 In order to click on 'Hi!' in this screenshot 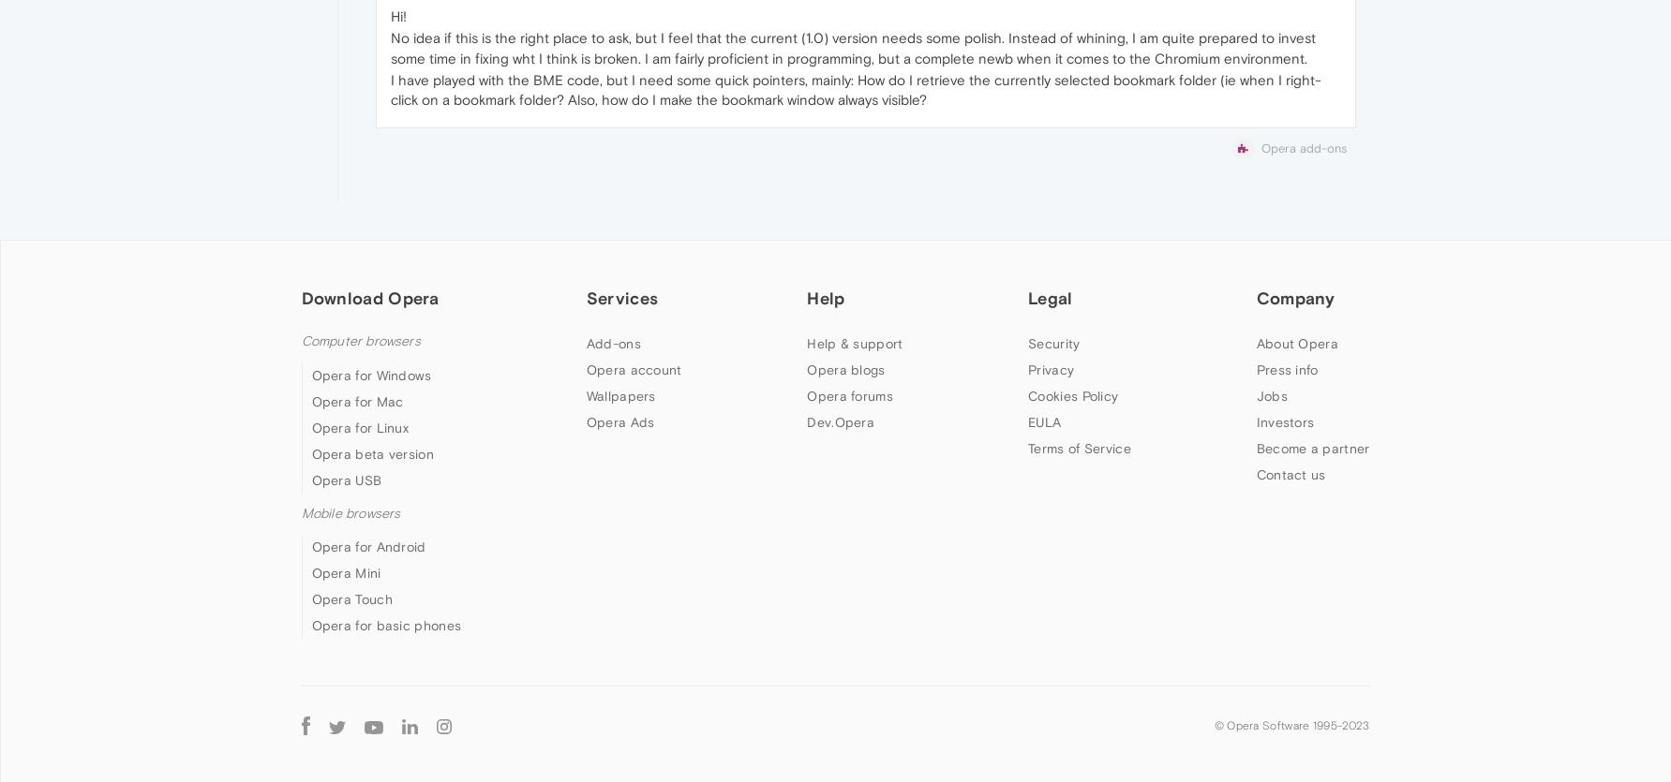, I will do `click(397, 15)`.